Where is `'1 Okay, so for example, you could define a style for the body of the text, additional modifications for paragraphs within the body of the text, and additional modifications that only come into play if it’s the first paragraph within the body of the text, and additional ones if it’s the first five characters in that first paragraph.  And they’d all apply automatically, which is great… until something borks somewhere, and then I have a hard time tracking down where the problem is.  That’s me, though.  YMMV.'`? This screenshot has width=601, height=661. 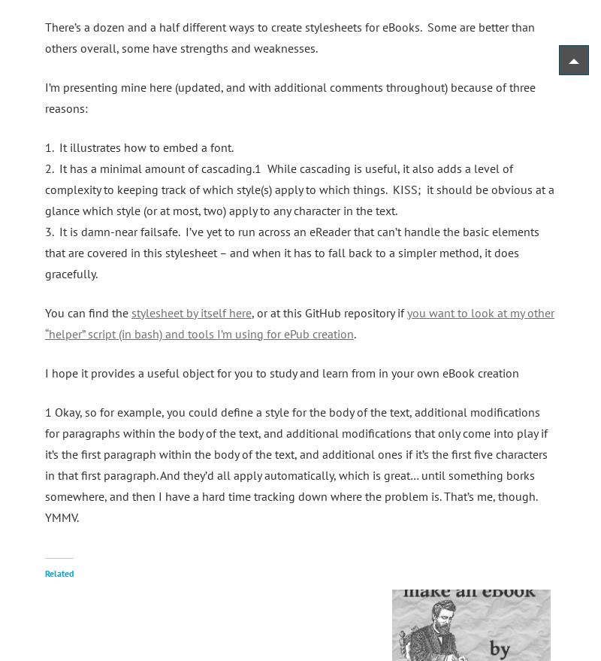
'1 Okay, so for example, you could define a style for the body of the text, additional modifications for paragraphs within the body of the text, and additional modifications that only come into play if it’s the first paragraph within the body of the text, and additional ones if it’s the first five characters in that first paragraph.  And they’d all apply automatically, which is great… until something borks somewhere, and then I have a hard time tracking down where the problem is.  That’s me, though.  YMMV.' is located at coordinates (44, 463).